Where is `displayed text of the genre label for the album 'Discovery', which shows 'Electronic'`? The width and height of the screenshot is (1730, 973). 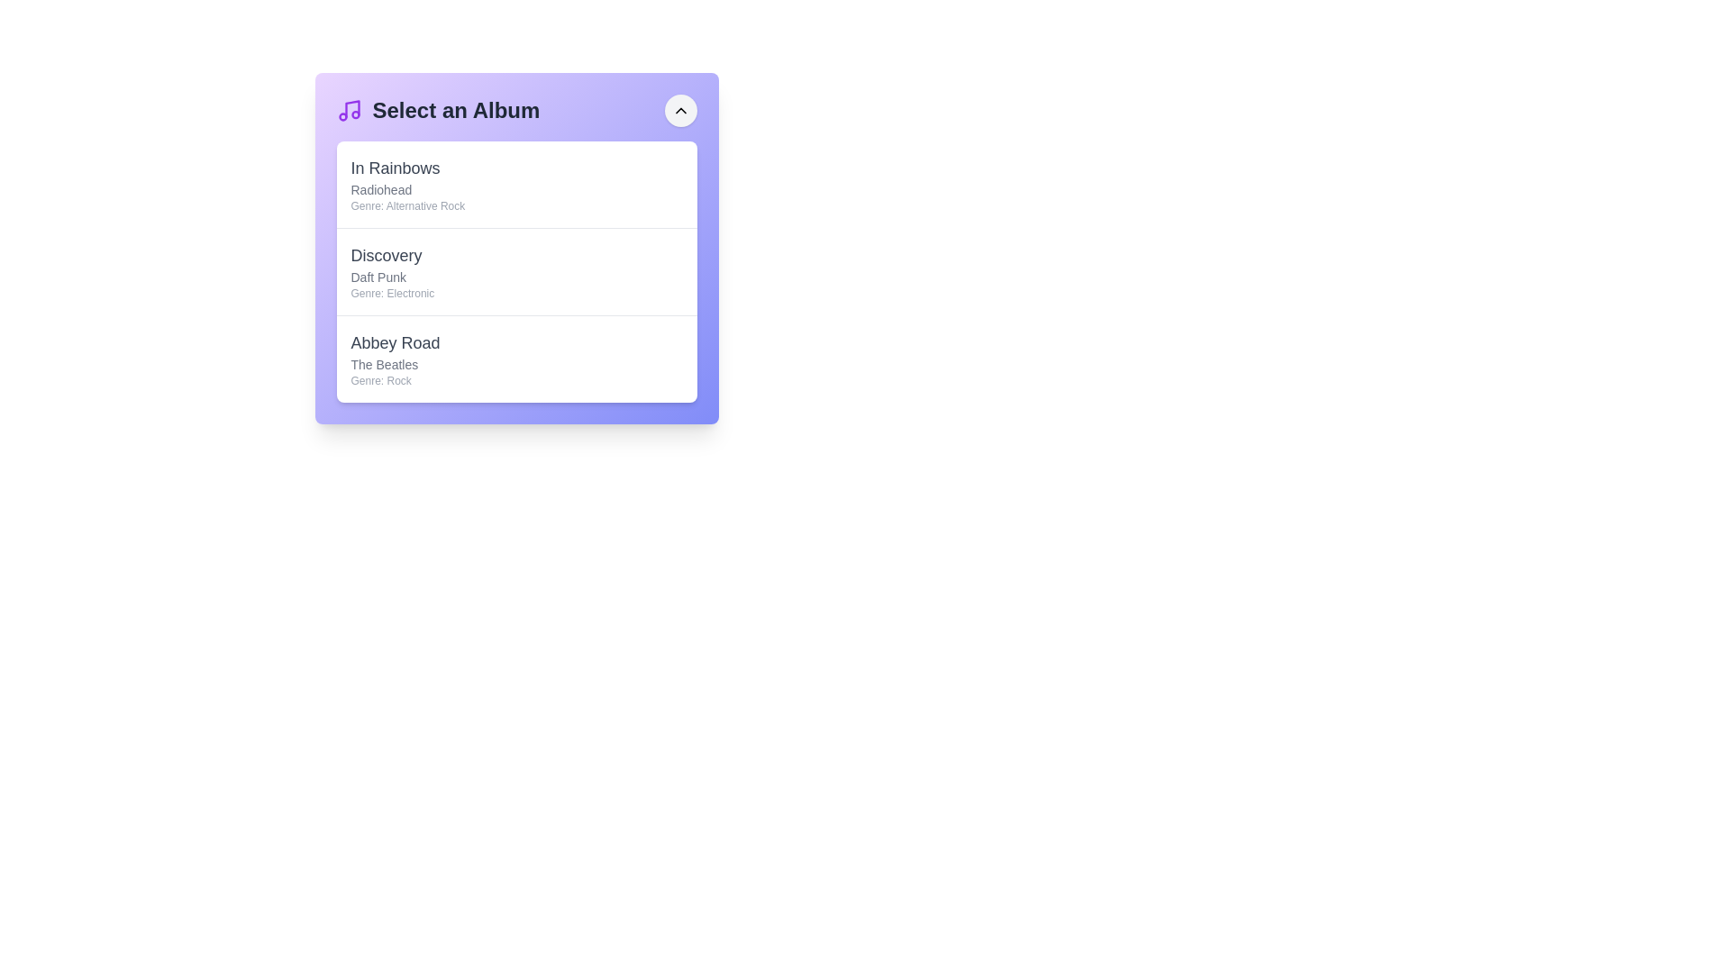
displayed text of the genre label for the album 'Discovery', which shows 'Electronic' is located at coordinates (391, 293).